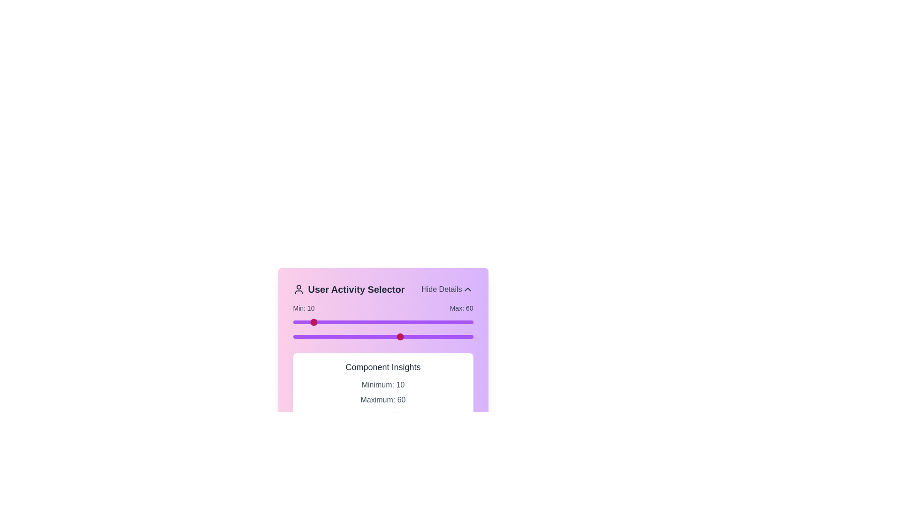 The height and width of the screenshot is (506, 901). Describe the element at coordinates (336, 321) in the screenshot. I see `the slider to set the range value to 24` at that location.